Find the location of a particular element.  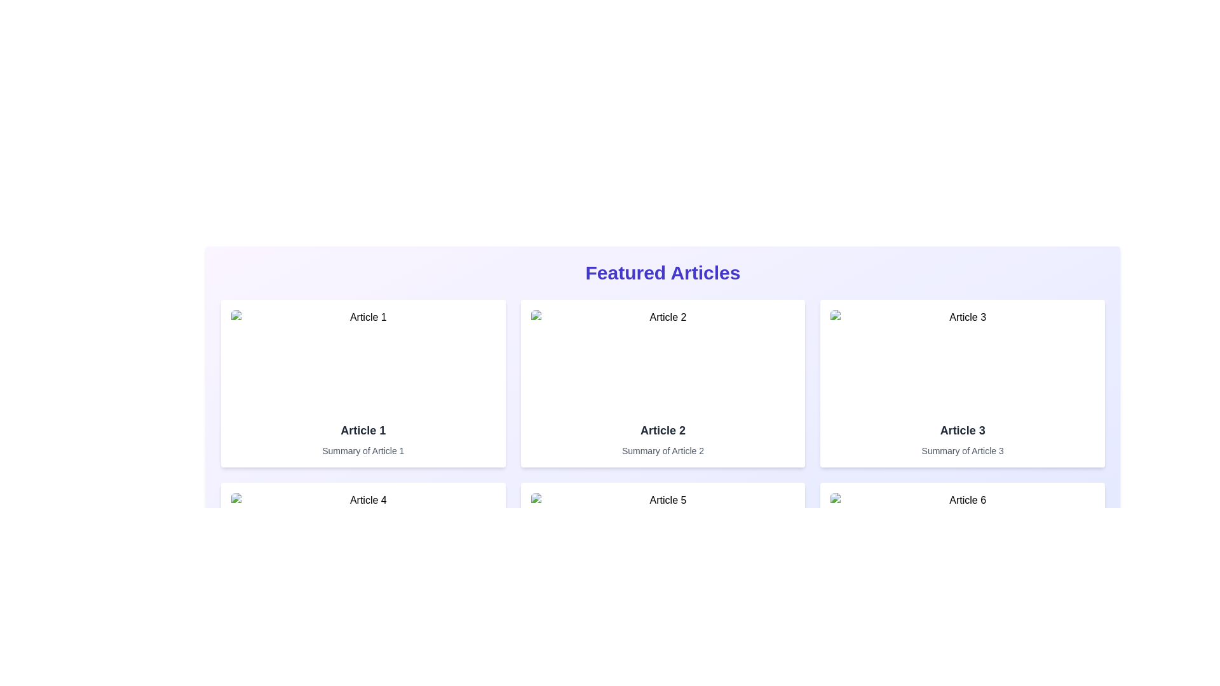

the image thumbnail for 'Article 6' located in the bottom-right corner of the grid layout is located at coordinates (963, 543).